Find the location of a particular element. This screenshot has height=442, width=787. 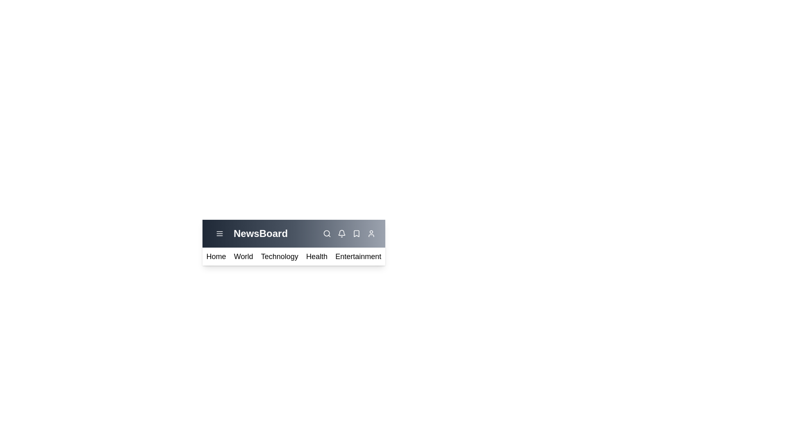

the menu item Technology is located at coordinates (279, 256).